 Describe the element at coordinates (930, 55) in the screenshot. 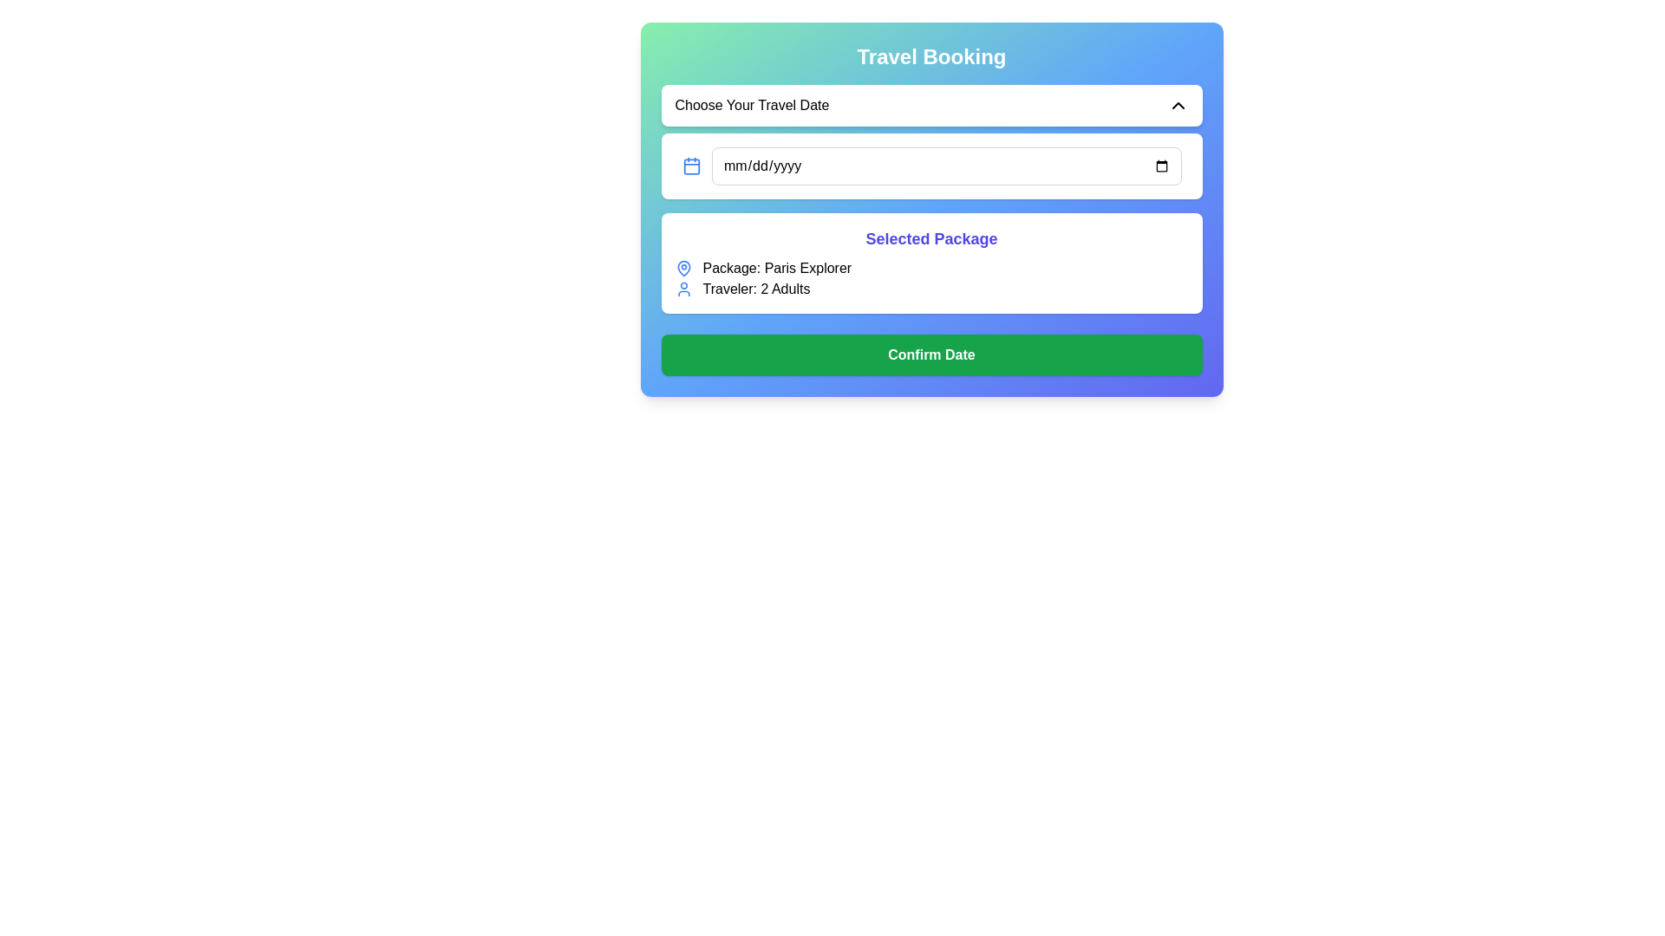

I see `the large, bold text displaying 'Travel Booking' which is styled with a white font and centered within a gradient background` at that location.